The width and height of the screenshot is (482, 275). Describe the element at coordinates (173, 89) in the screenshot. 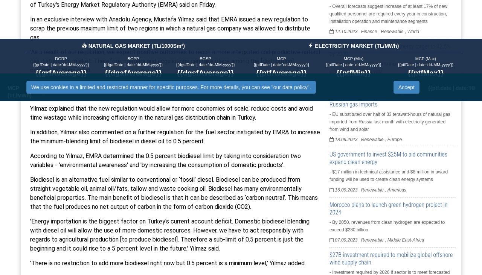

I see `'According to EMRA's data, 68 natural gas companies distribute natural gas to 12.4 million subscribers across Turkey.'` at that location.